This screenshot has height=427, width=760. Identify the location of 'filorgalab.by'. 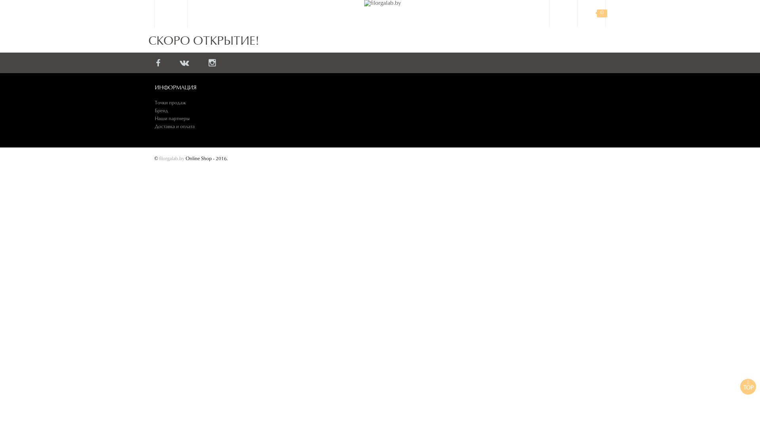
(171, 159).